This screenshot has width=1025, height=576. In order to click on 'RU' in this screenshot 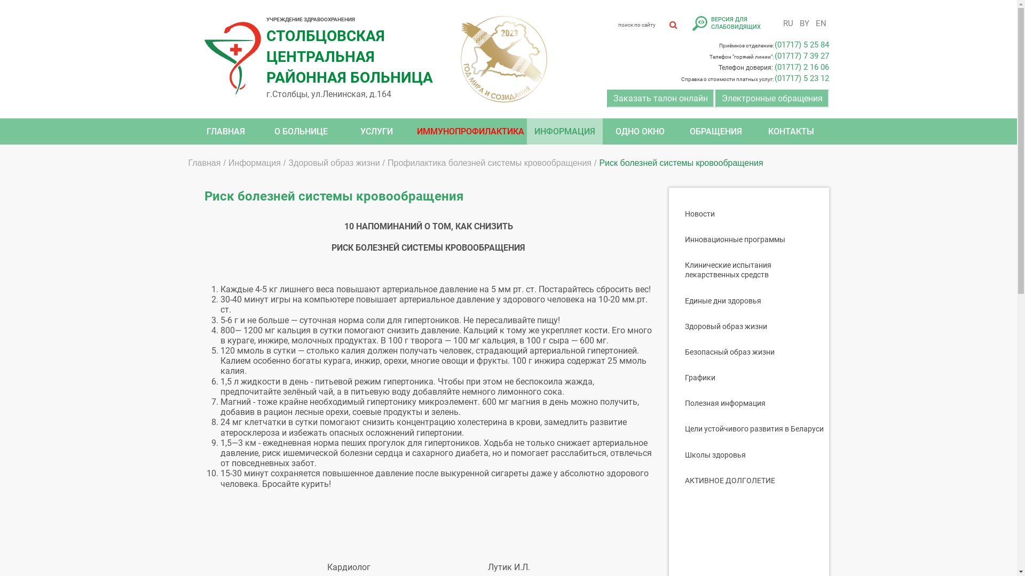, I will do `click(780, 23)`.